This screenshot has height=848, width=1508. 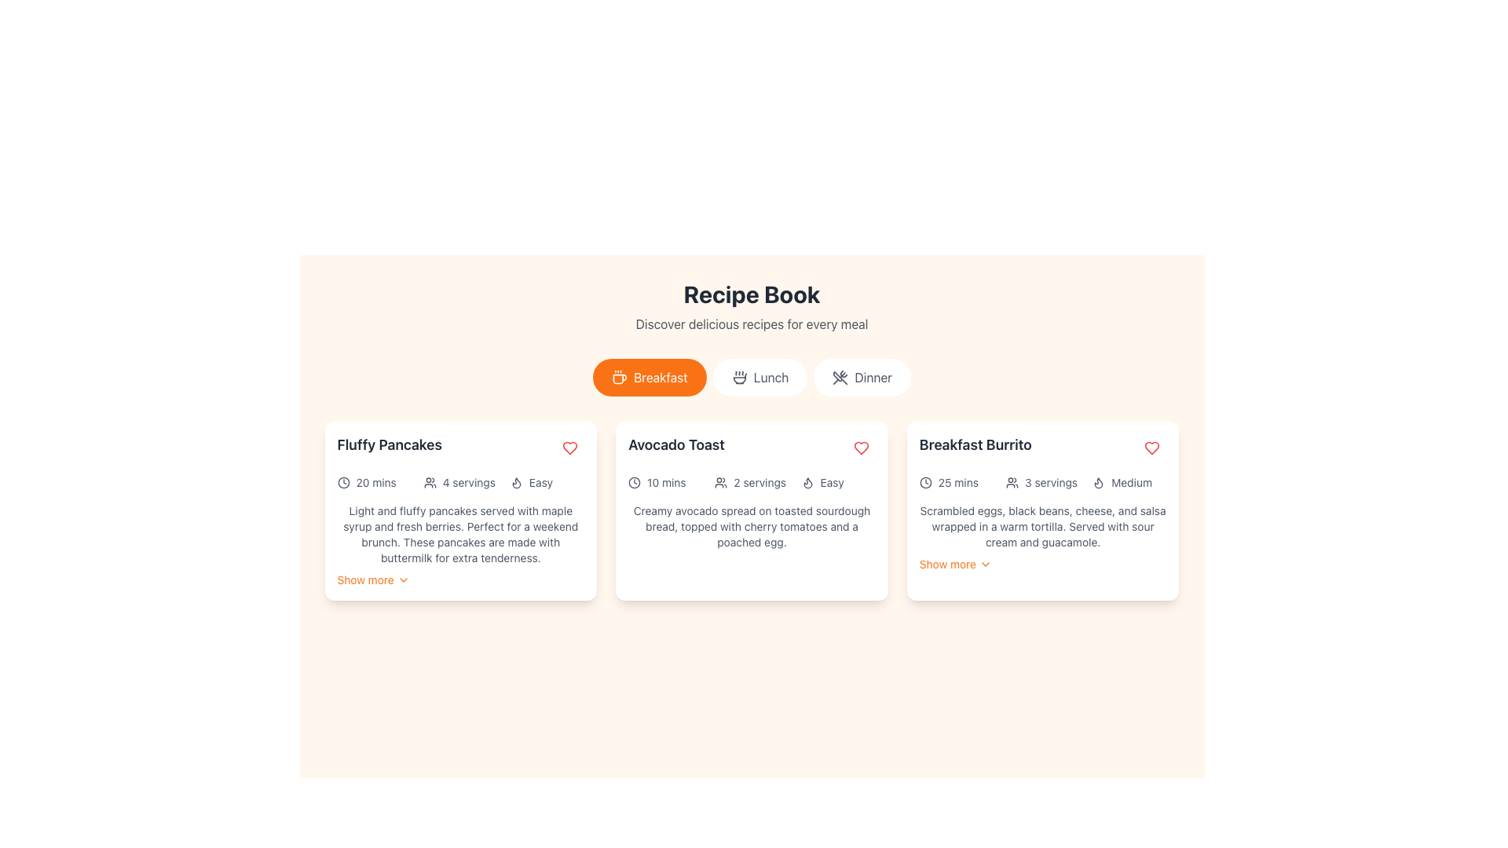 I want to click on content from the Text block providing detailed information about the 'Fluffy Pancakes' recipe located in the first column of the grid layout, below the icons and above the 'Show more' link, so click(x=459, y=544).